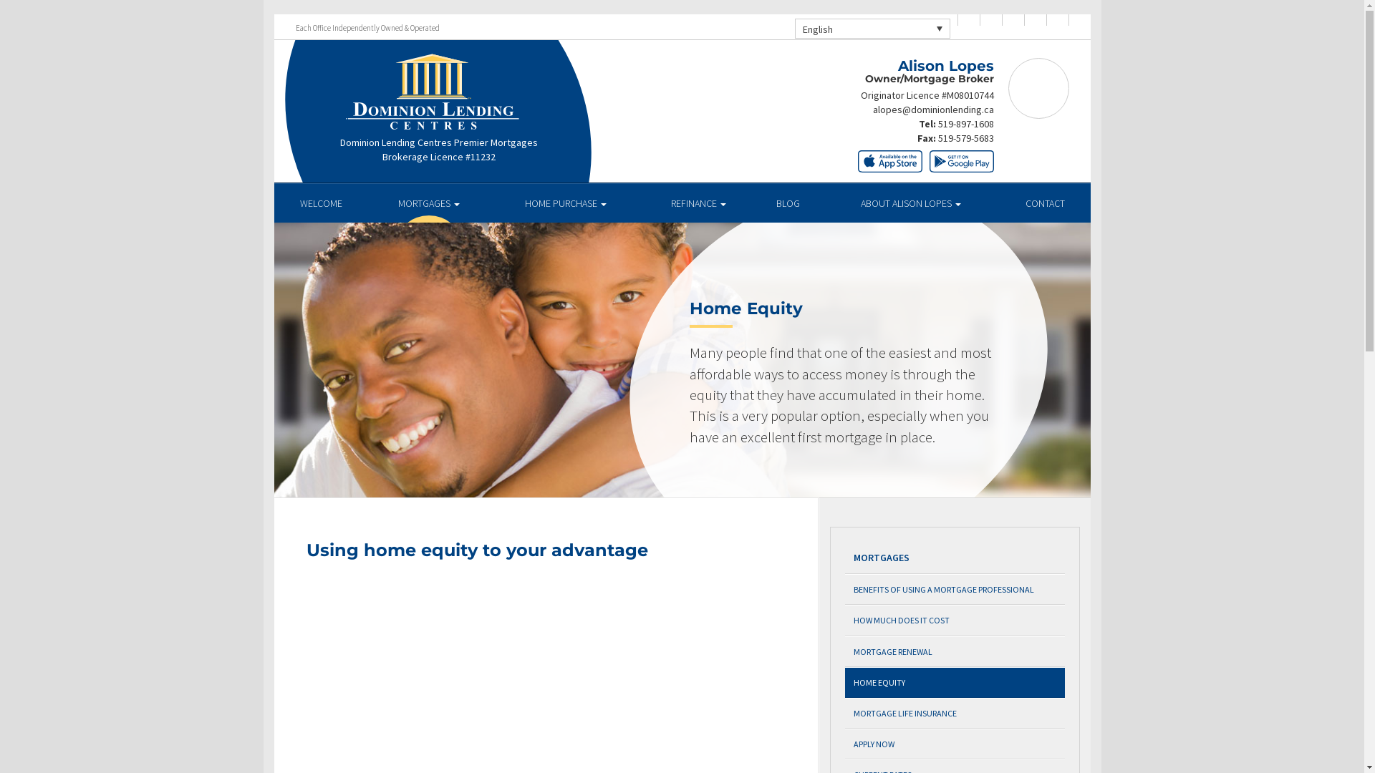 This screenshot has height=773, width=1375. What do you see at coordinates (1045, 203) in the screenshot?
I see `'CONTACT'` at bounding box center [1045, 203].